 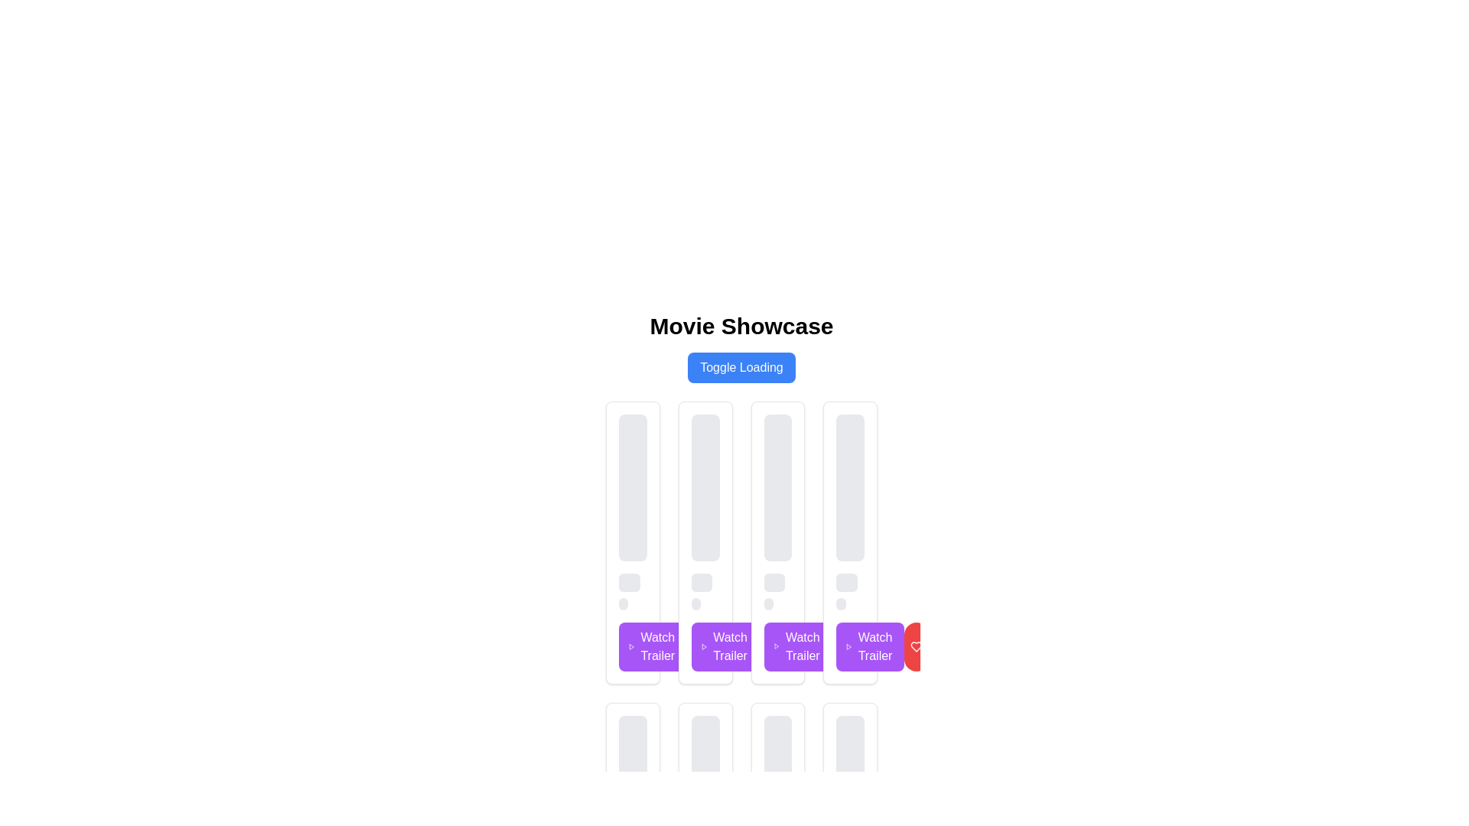 I want to click on the sharing icon located in the center of the blue circular button next to the 'Watch Trailer' purple button for the fourth card, so click(x=875, y=646).